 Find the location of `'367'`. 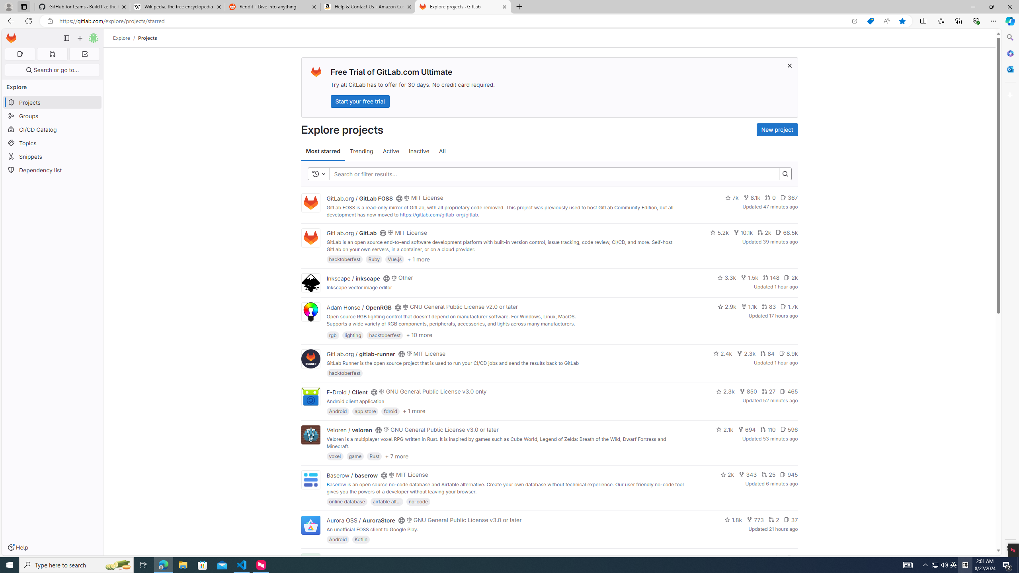

'367' is located at coordinates (789, 198).